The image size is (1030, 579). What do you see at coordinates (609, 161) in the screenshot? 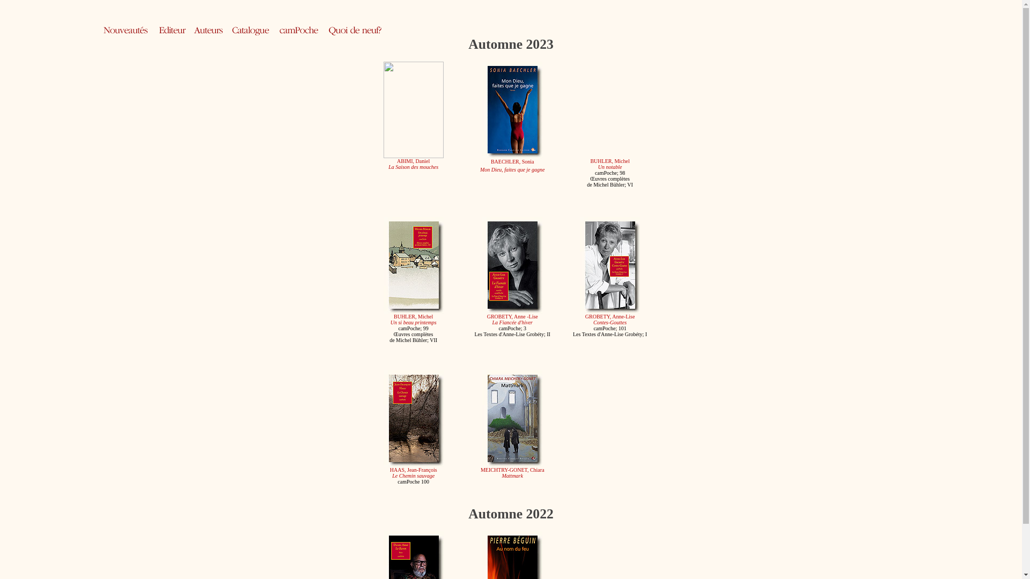
I see `'BUHLER, Michel'` at bounding box center [609, 161].